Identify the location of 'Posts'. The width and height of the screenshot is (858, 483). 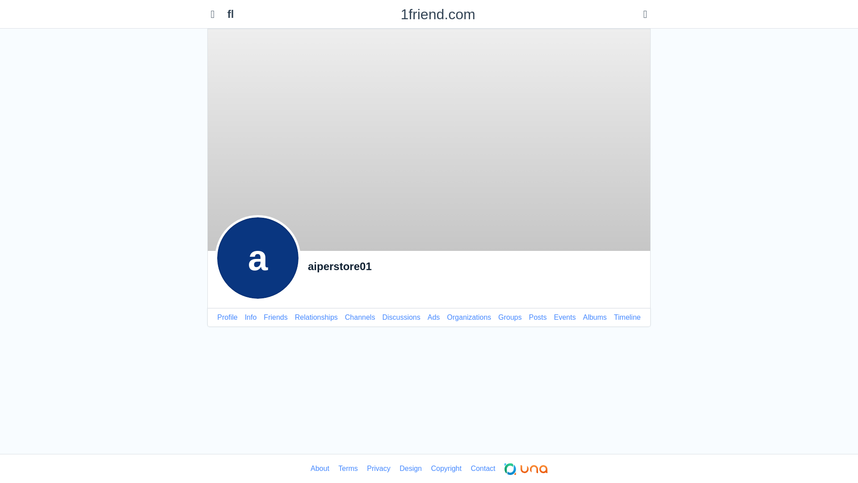
(538, 317).